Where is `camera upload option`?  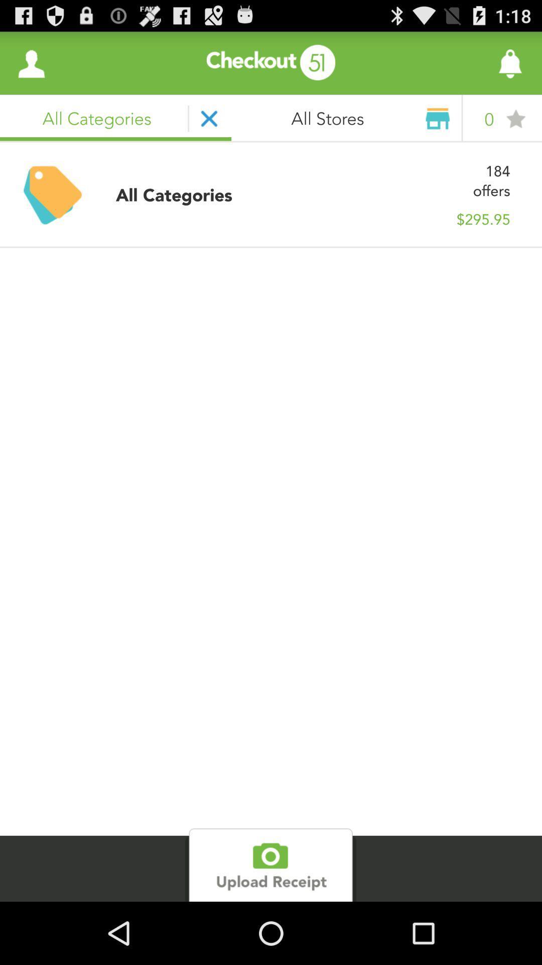 camera upload option is located at coordinates (270, 864).